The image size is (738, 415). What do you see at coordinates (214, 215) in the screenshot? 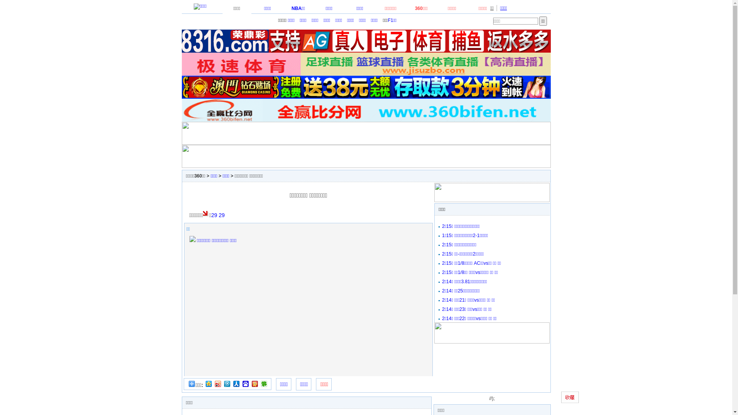
I see `'29'` at bounding box center [214, 215].